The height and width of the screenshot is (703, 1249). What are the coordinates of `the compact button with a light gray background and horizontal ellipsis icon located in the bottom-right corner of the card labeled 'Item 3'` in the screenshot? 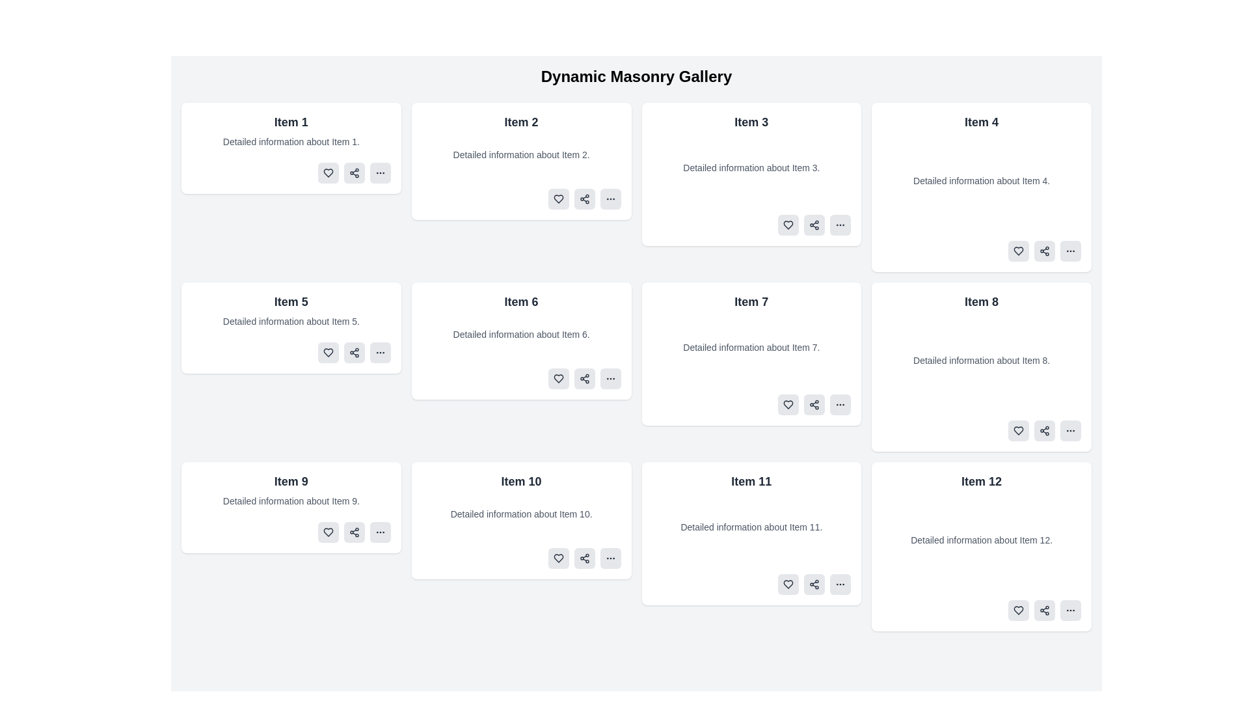 It's located at (840, 225).